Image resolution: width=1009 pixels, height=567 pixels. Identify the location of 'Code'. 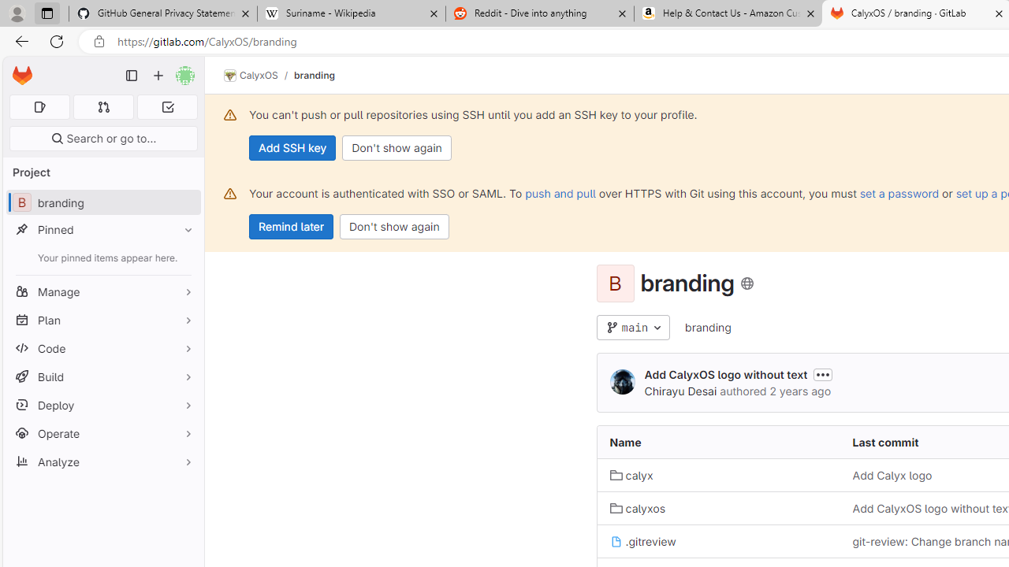
(102, 347).